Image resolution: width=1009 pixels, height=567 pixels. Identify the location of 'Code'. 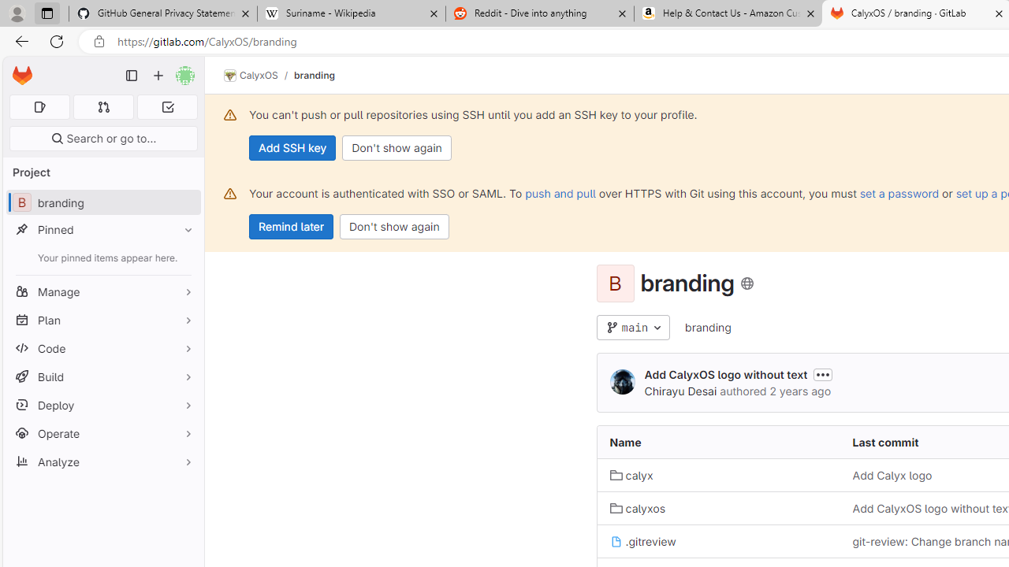
(102, 347).